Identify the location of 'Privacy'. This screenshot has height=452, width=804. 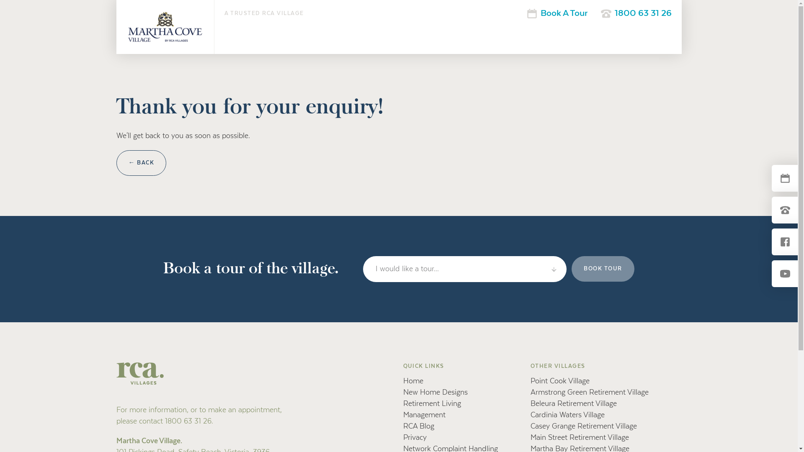
(414, 437).